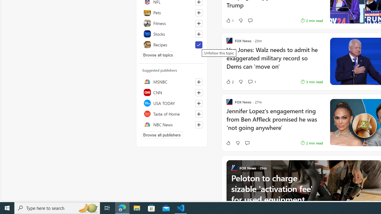 The image size is (381, 214). I want to click on 'Fitness', so click(171, 23).